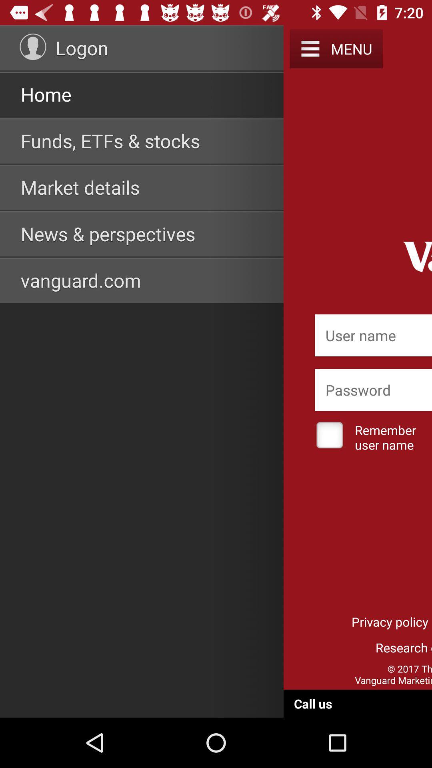  What do you see at coordinates (32, 46) in the screenshot?
I see `icon next to logon icon` at bounding box center [32, 46].